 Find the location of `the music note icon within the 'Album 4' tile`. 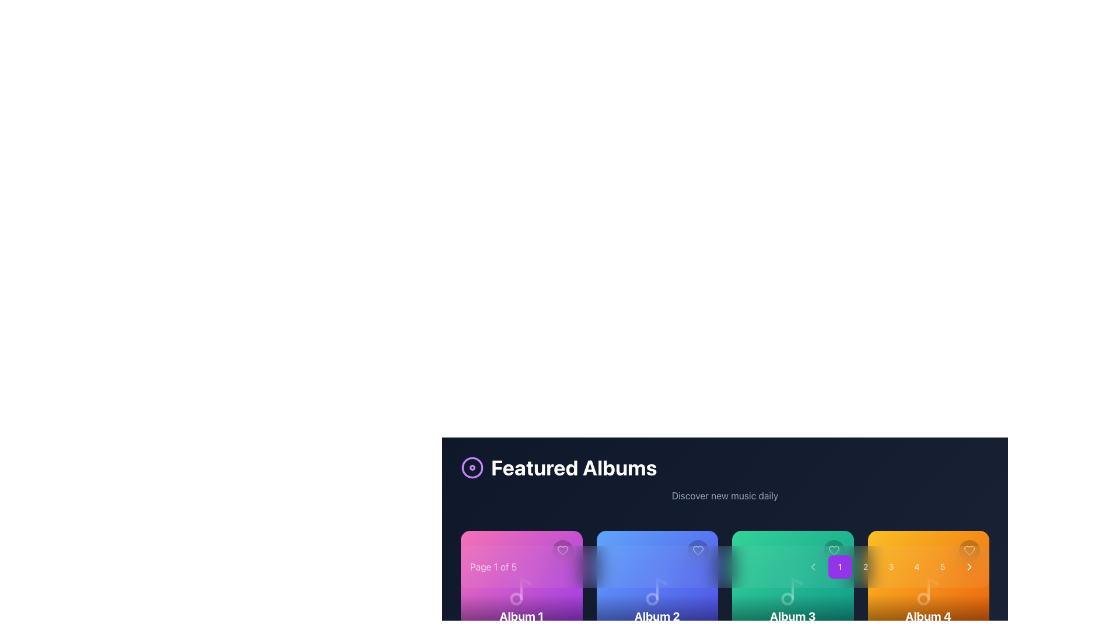

the music note icon within the 'Album 4' tile is located at coordinates (928, 591).